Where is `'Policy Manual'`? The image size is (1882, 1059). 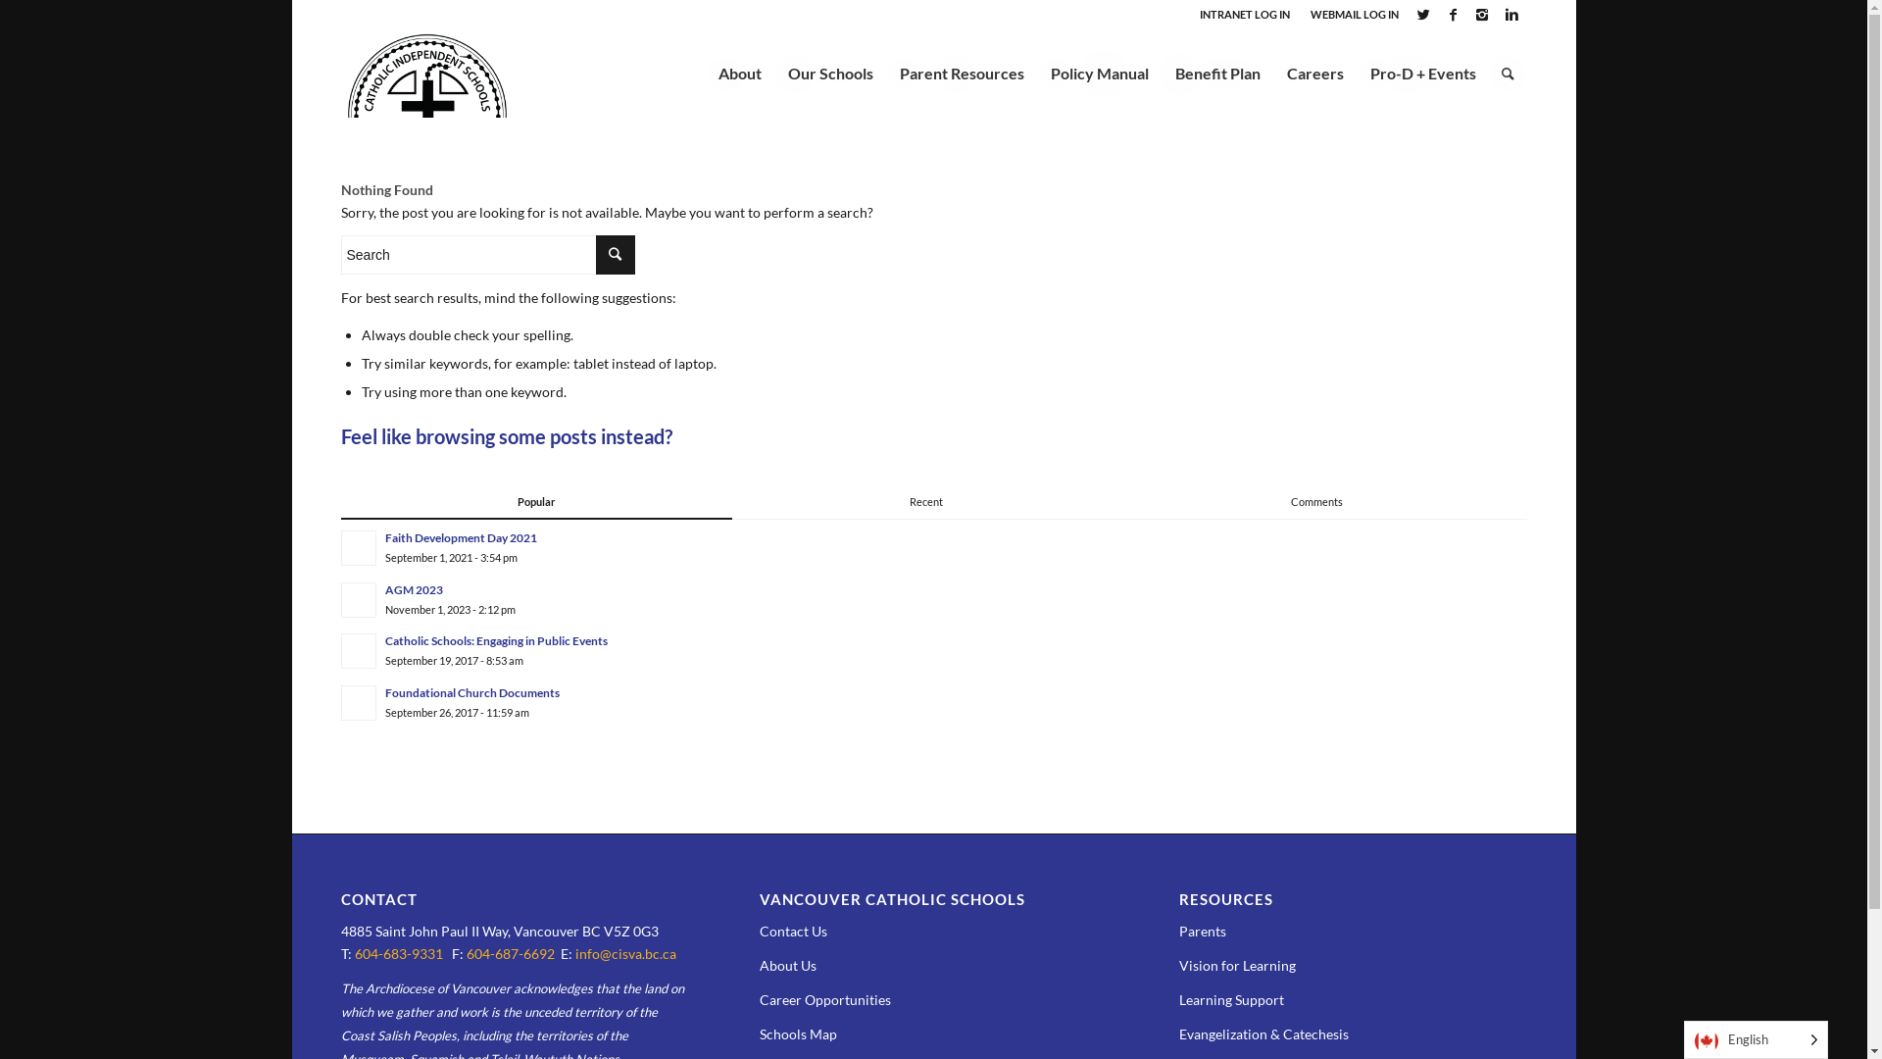 'Policy Manual' is located at coordinates (1099, 72).